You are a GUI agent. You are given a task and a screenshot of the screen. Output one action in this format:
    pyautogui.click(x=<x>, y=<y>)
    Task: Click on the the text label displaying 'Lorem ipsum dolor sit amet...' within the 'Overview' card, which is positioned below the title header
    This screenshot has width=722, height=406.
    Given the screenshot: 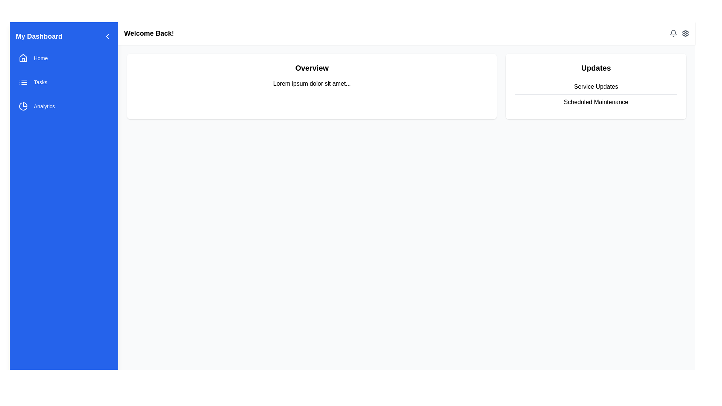 What is the action you would take?
    pyautogui.click(x=312, y=84)
    